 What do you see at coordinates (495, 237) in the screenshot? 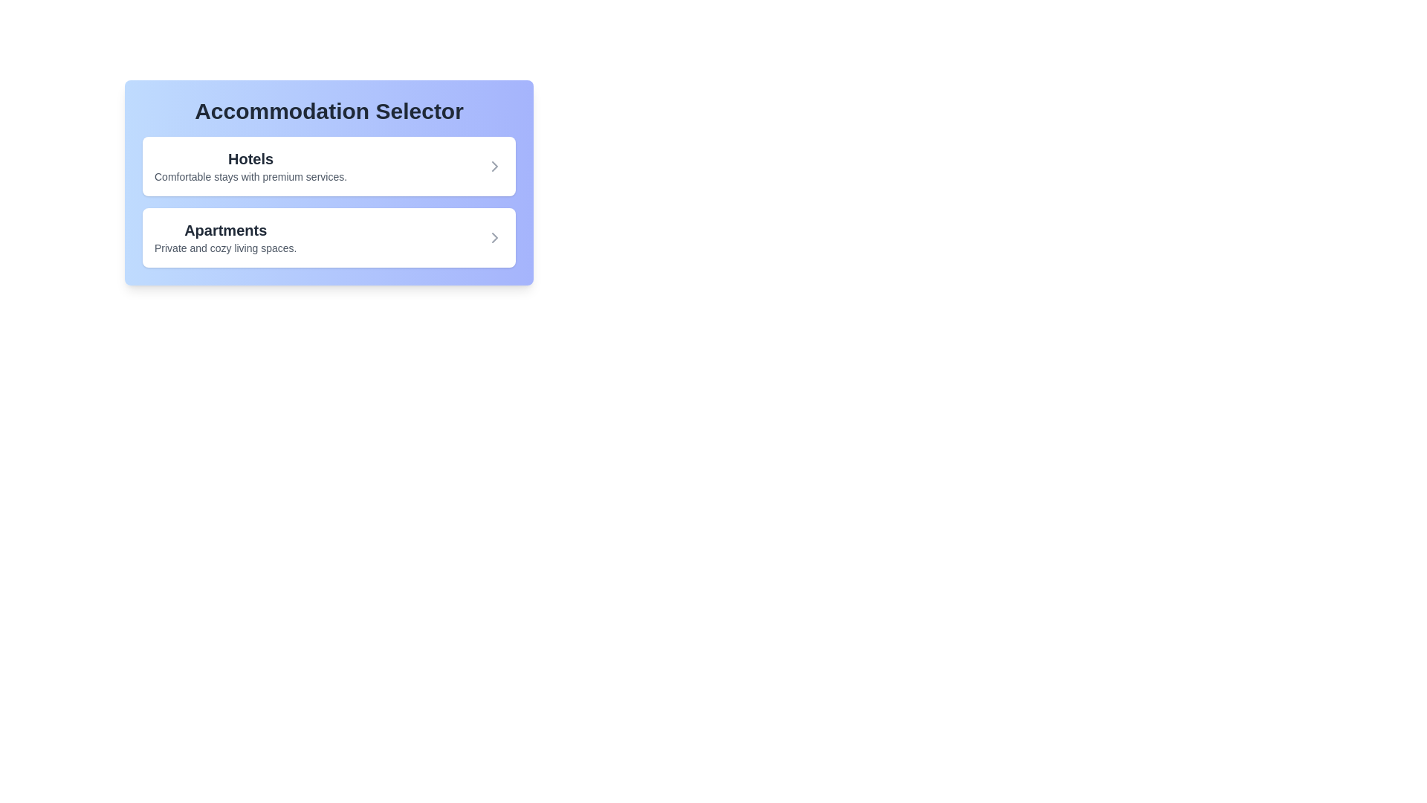
I see `the rightward-pointing chevron icon styled in light gray located in the 'Apartments' section under 'Accommodation Selector'` at bounding box center [495, 237].